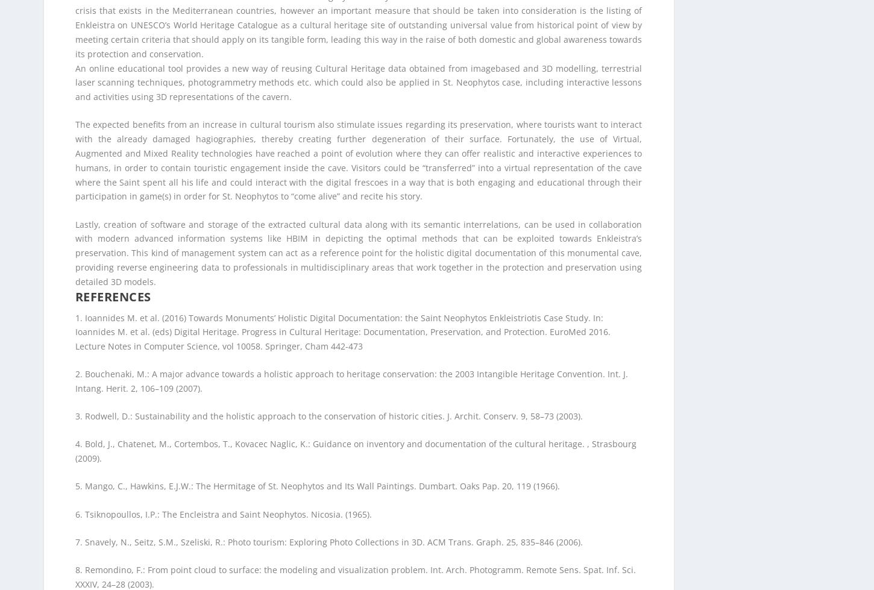 The height and width of the screenshot is (590, 874). Describe the element at coordinates (74, 88) in the screenshot. I see `'7. Snavely, N., Seitz, S.M., Szeliski, R.: Photo tourism: Exploring Photo Collections in 3D. ACM Trans. Graph. 25, 835–846 (2006).'` at that location.